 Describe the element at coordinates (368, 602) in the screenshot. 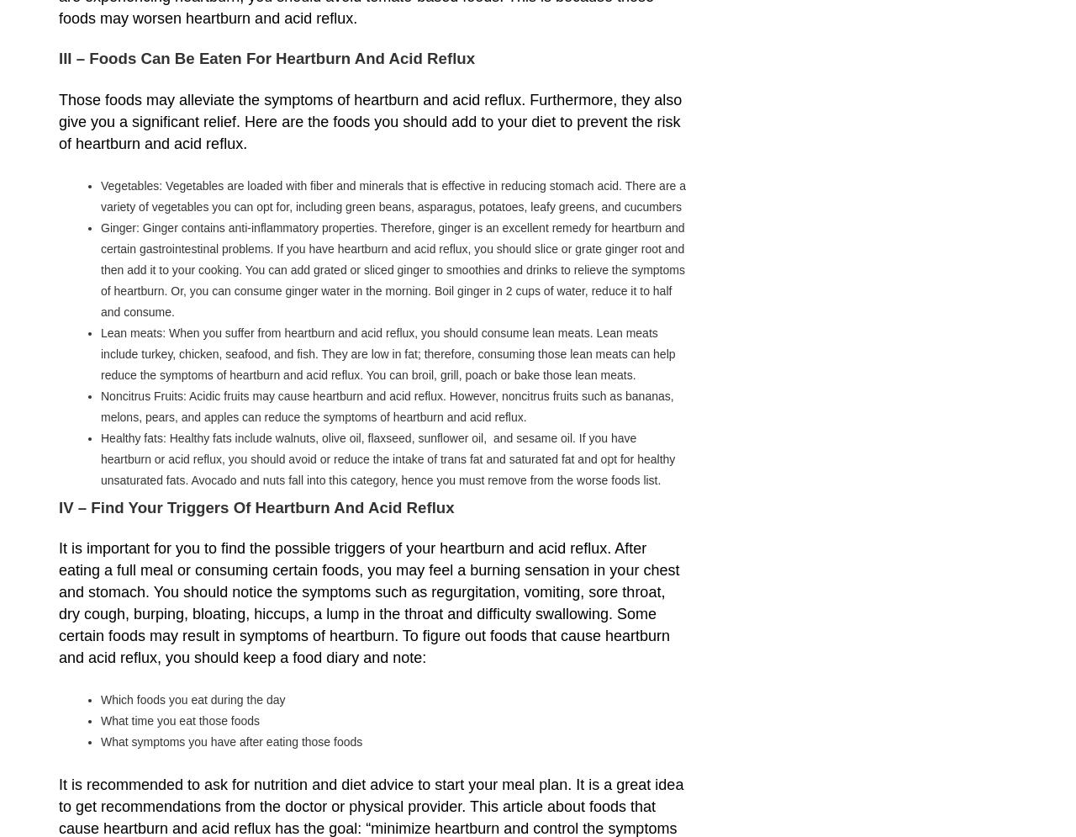

I see `'It is important for you to find the possible triggers of your heartburn and acid reflux. After eating a full meal or consuming certain foods, you may feel a burning sensation in your chest and stomach. You should notice the symptoms such as regurgitation, vomiting, sore throat, dry cough, burping, bloating, hiccups, a lump in the throat and difficulty swallowing. Some certain foods may result in symptoms of heartburn. To figure out foods that cause heartburn and acid reflux, you should keep a food diary and note:'` at that location.